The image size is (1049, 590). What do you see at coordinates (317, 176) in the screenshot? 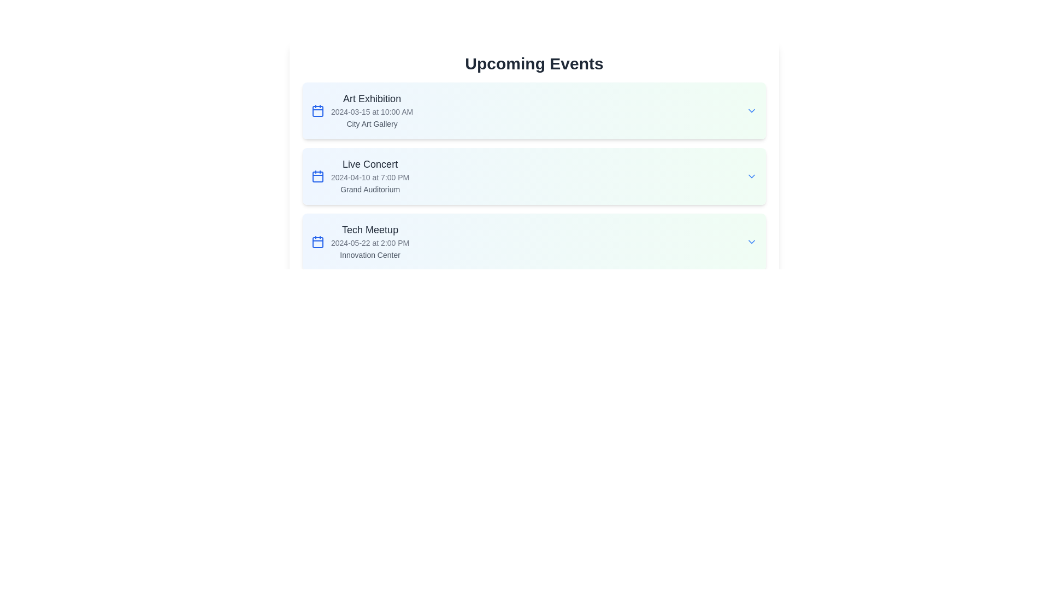
I see `SVG Rectangle element, which is a rounded rectangle within the calendar icon next to the 'Live Concert' event details, by clicking on its center point` at bounding box center [317, 176].